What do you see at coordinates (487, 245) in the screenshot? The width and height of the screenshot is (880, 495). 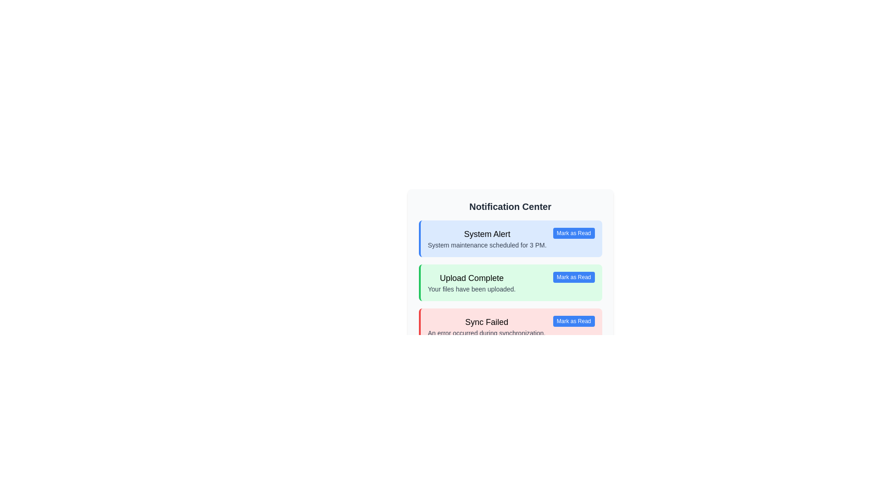 I see `the second line of the 'System Alert' notification block that informs about a scheduled system maintenance event` at bounding box center [487, 245].